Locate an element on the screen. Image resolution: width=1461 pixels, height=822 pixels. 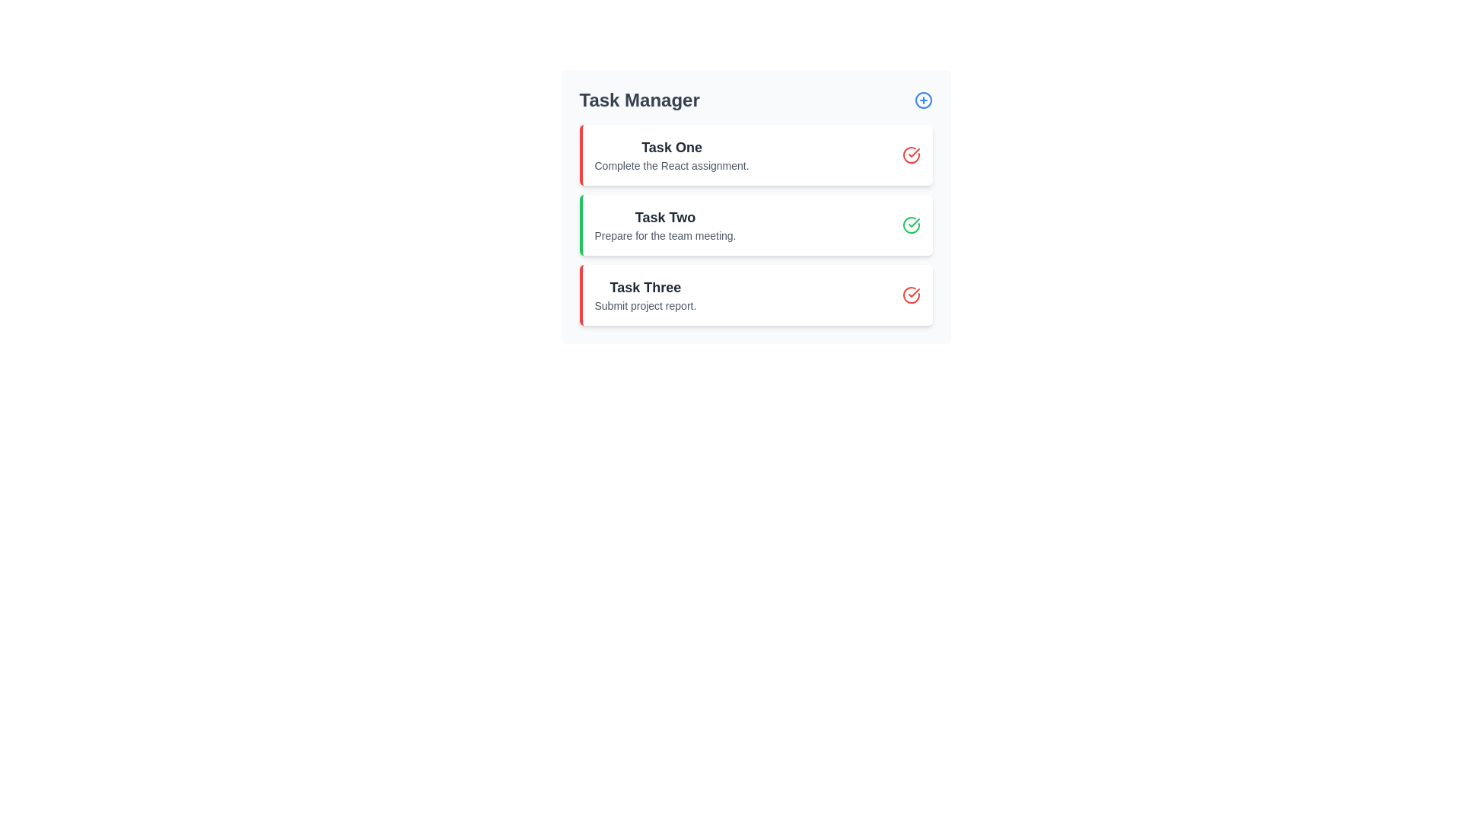
text label displaying 'Task Two', which is styled in a large, bold font and dark gray color, positioned above the description 'Prepare for the team meeting.' in the second task card is located at coordinates (665, 217).